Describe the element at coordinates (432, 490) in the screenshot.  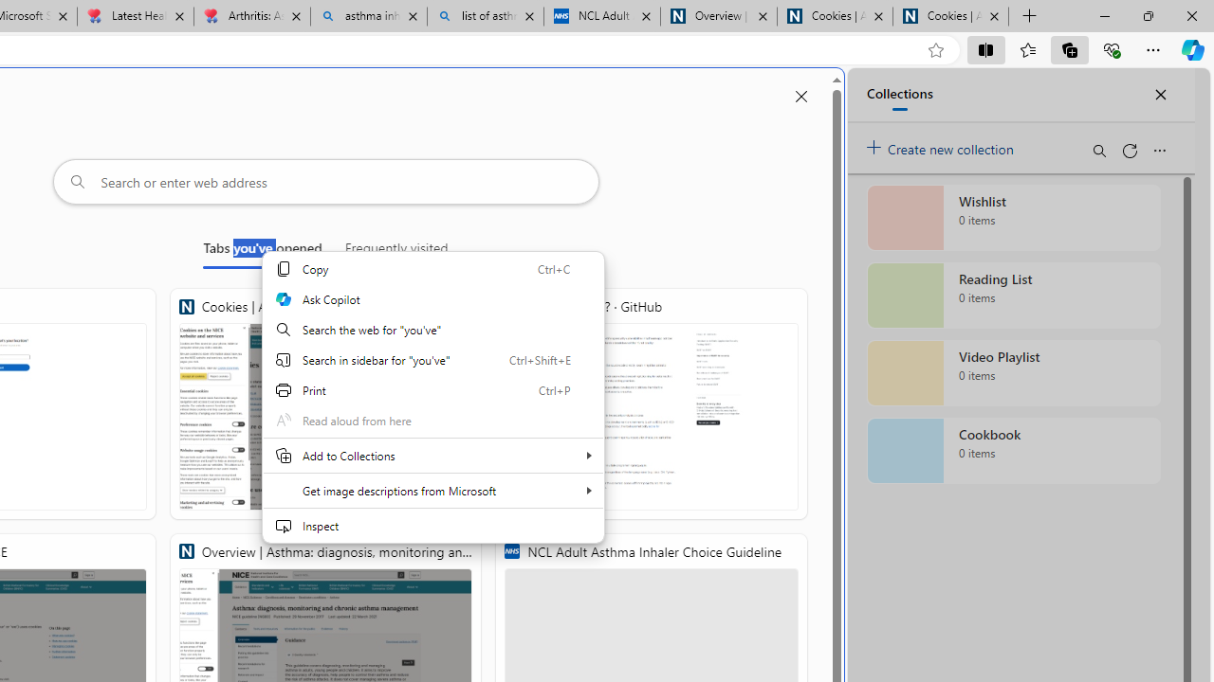
I see `'Get image descriptions from Microsoft'` at that location.